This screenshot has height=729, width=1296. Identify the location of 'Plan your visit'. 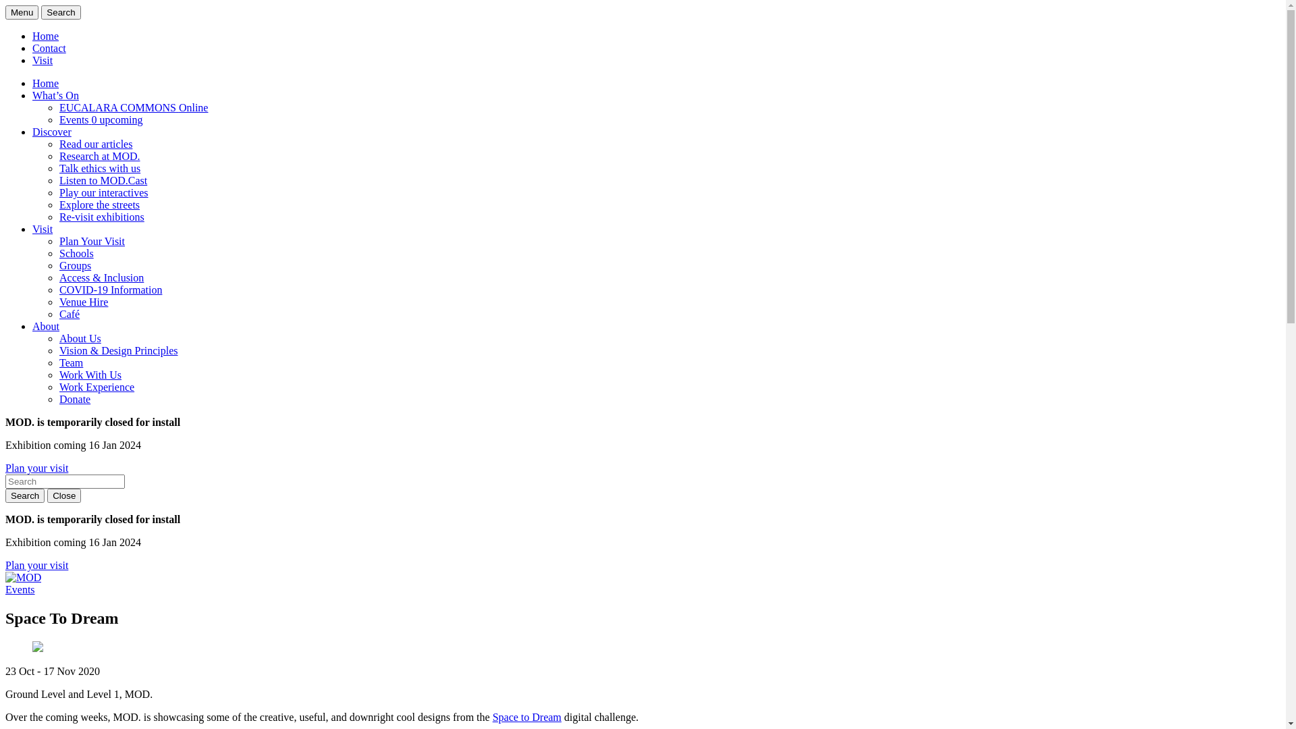
(36, 467).